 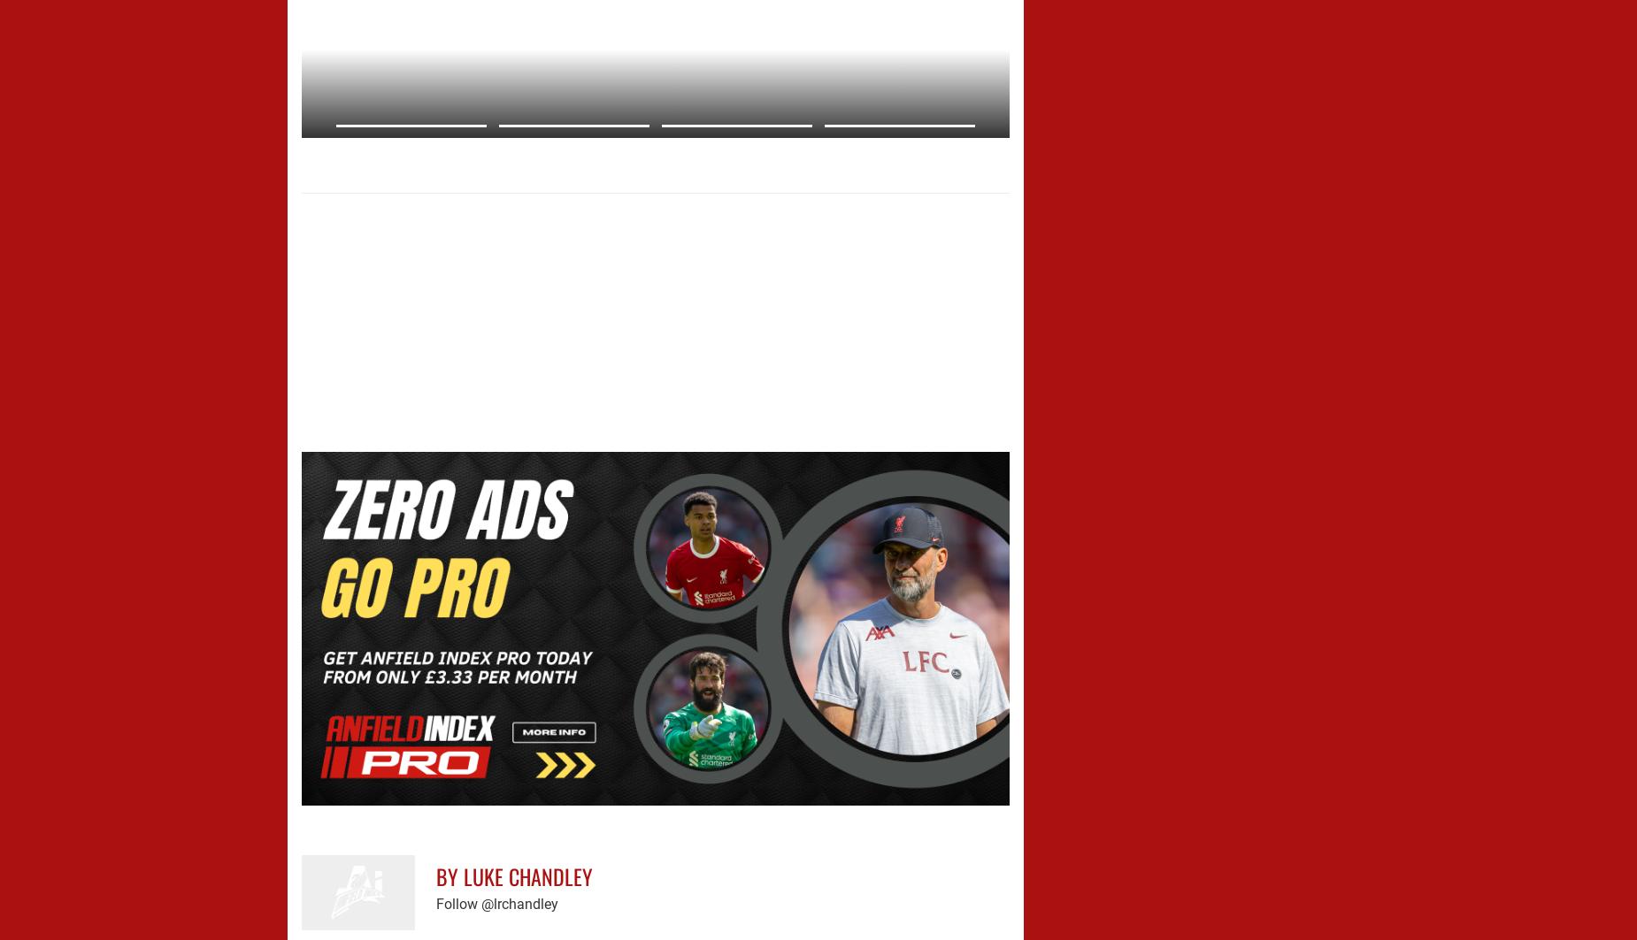 I want to click on 'Sponsored', so click(x=393, y=177).